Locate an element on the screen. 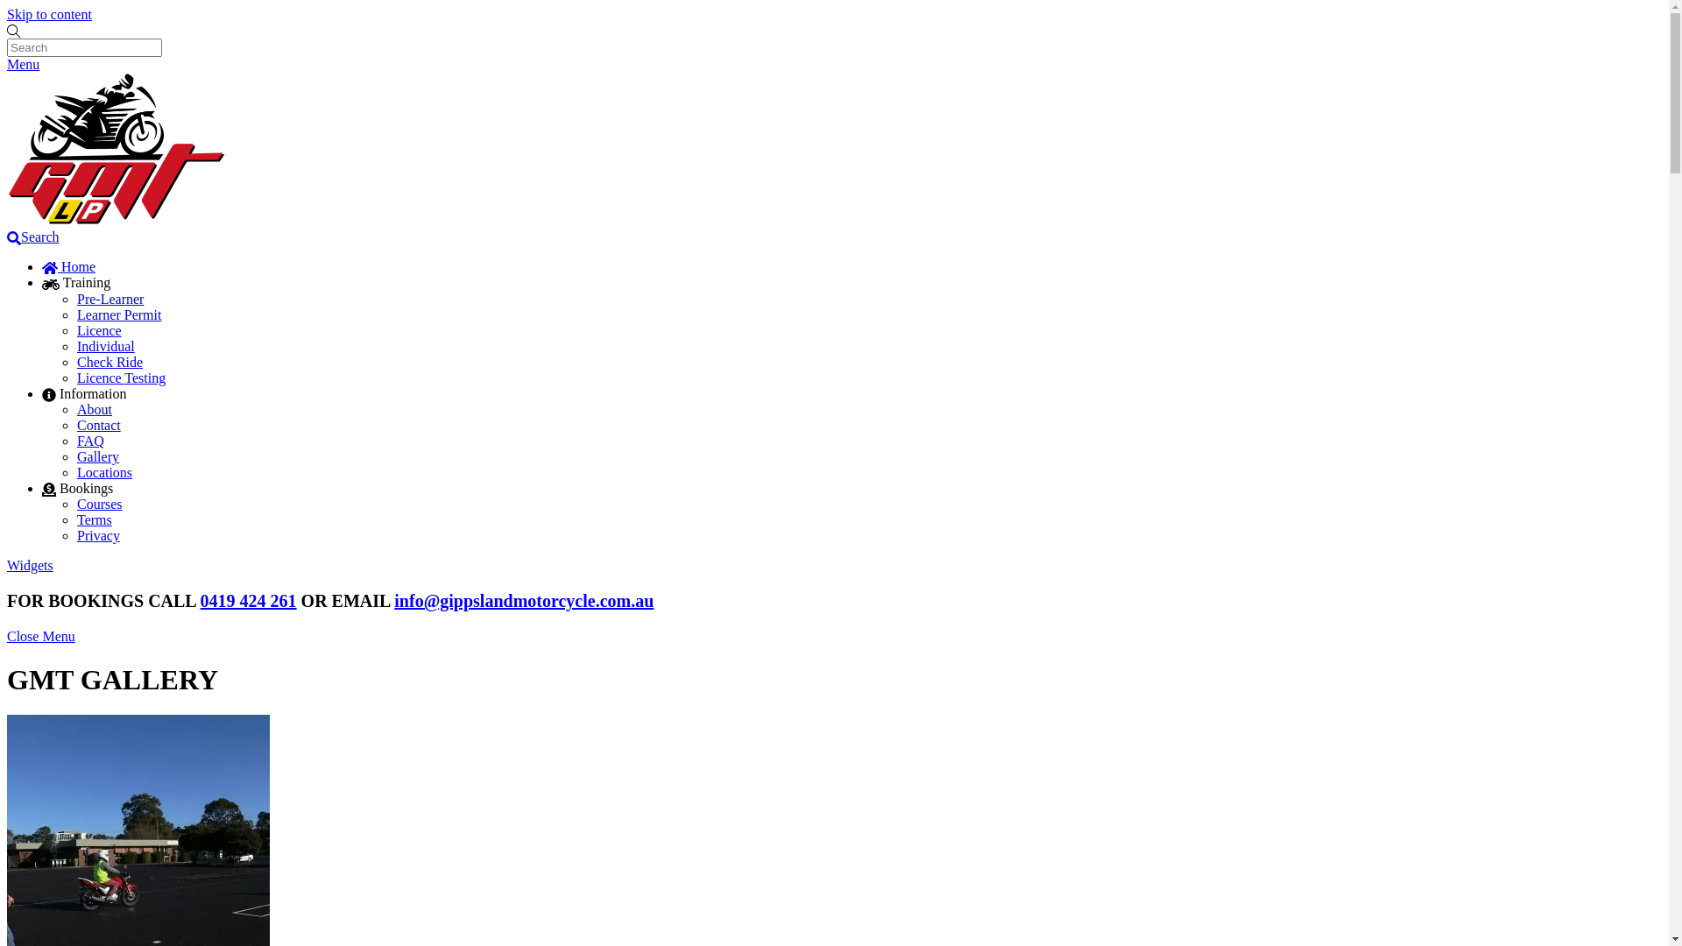 This screenshot has width=1682, height=946. 'Menu' is located at coordinates (23, 63).